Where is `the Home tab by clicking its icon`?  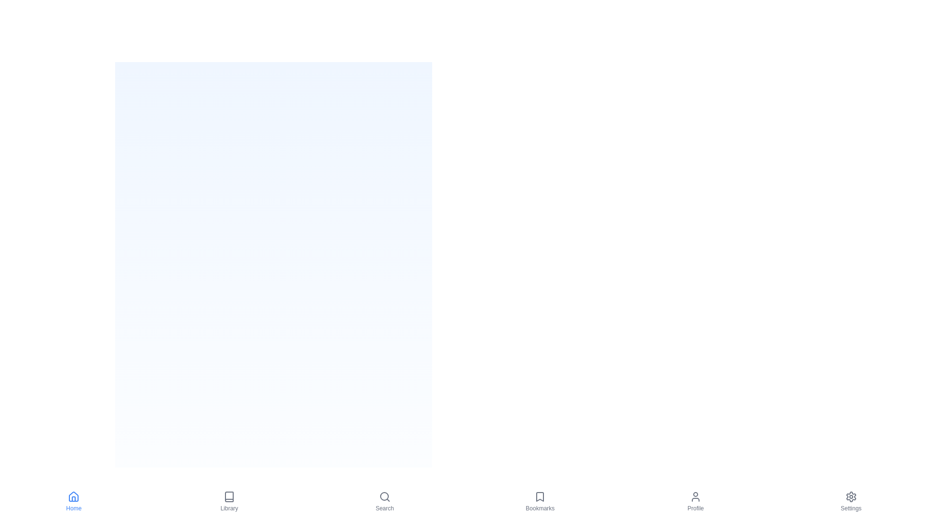
the Home tab by clicking its icon is located at coordinates (73, 501).